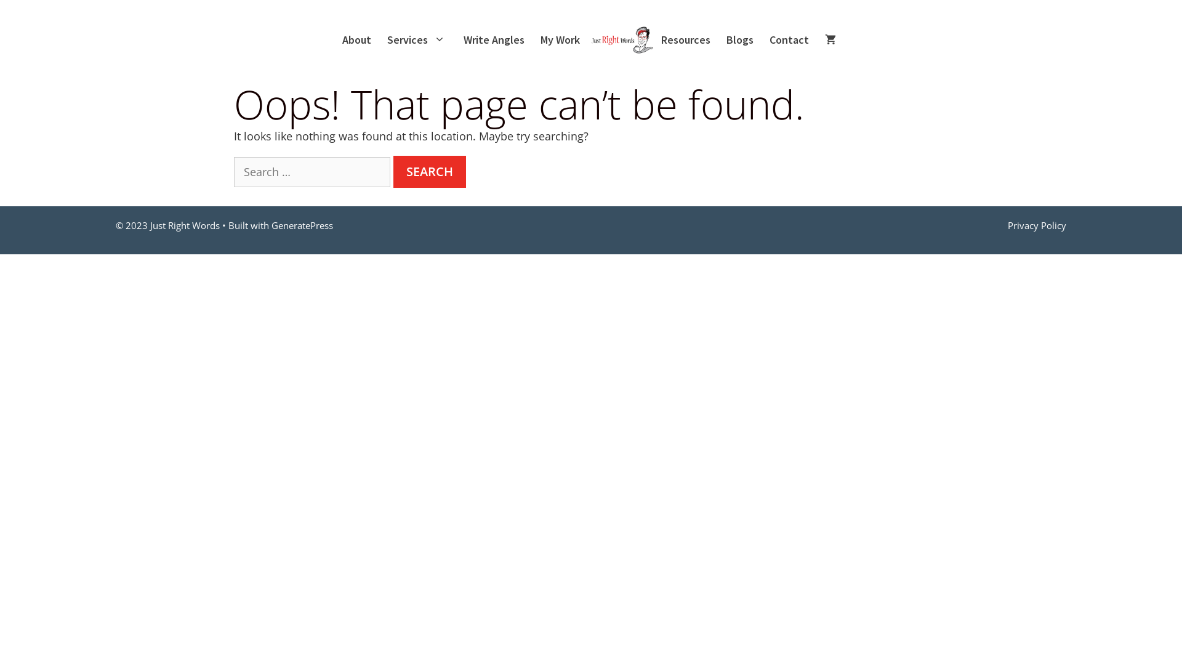 The image size is (1182, 665). I want to click on 'My Work', so click(534, 39).